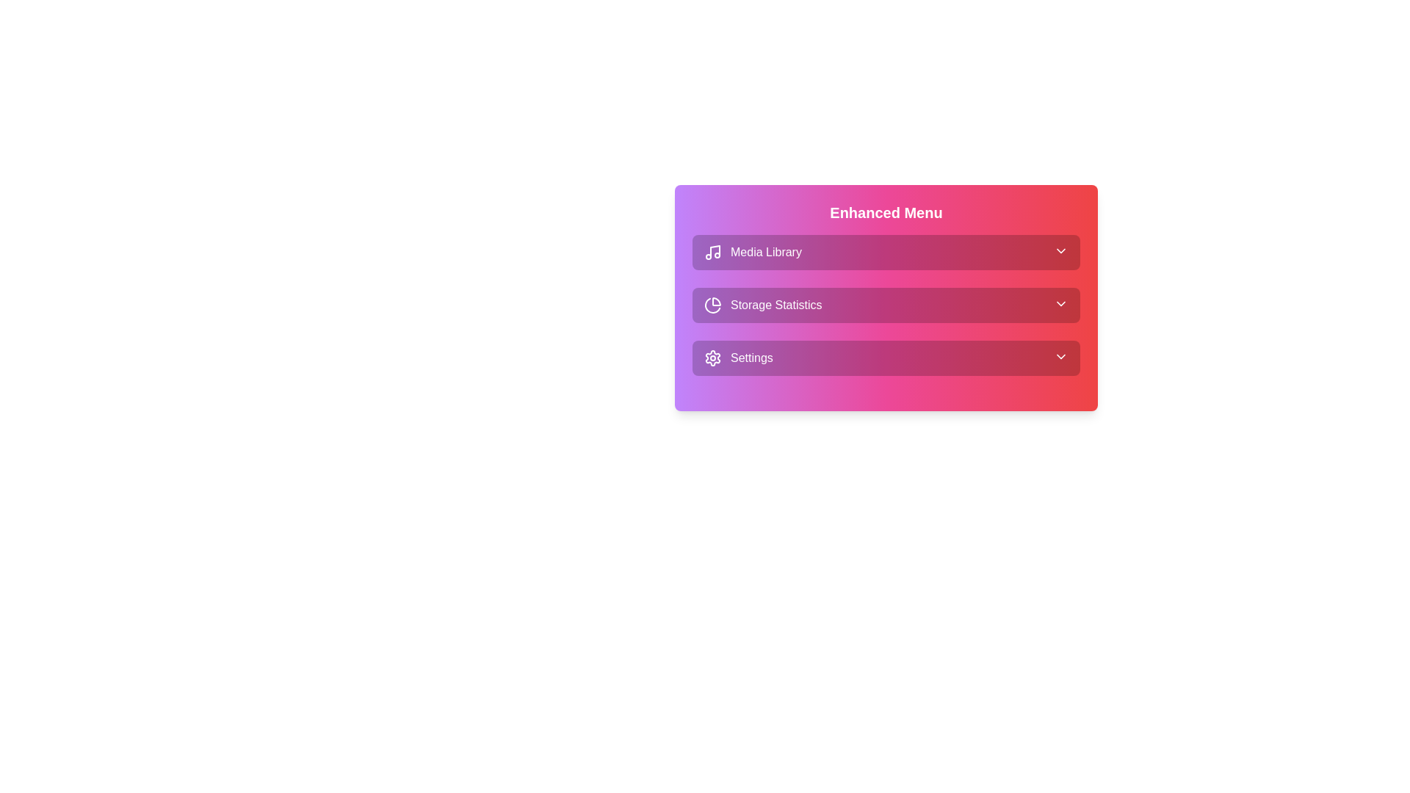  I want to click on the Chevron Icon located on the far right side of the 'Storage Statistics' panel, so click(1060, 303).